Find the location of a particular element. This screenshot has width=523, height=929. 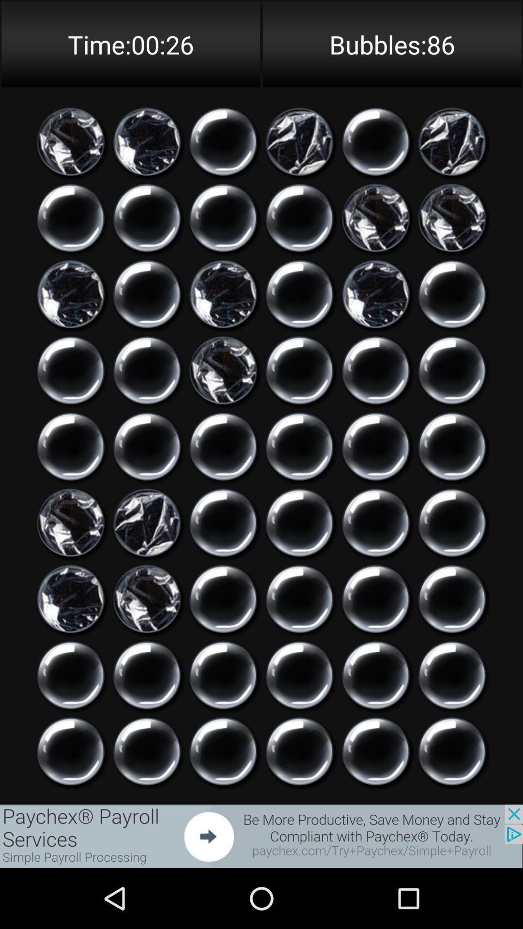

the refresh icon is located at coordinates (299, 396).